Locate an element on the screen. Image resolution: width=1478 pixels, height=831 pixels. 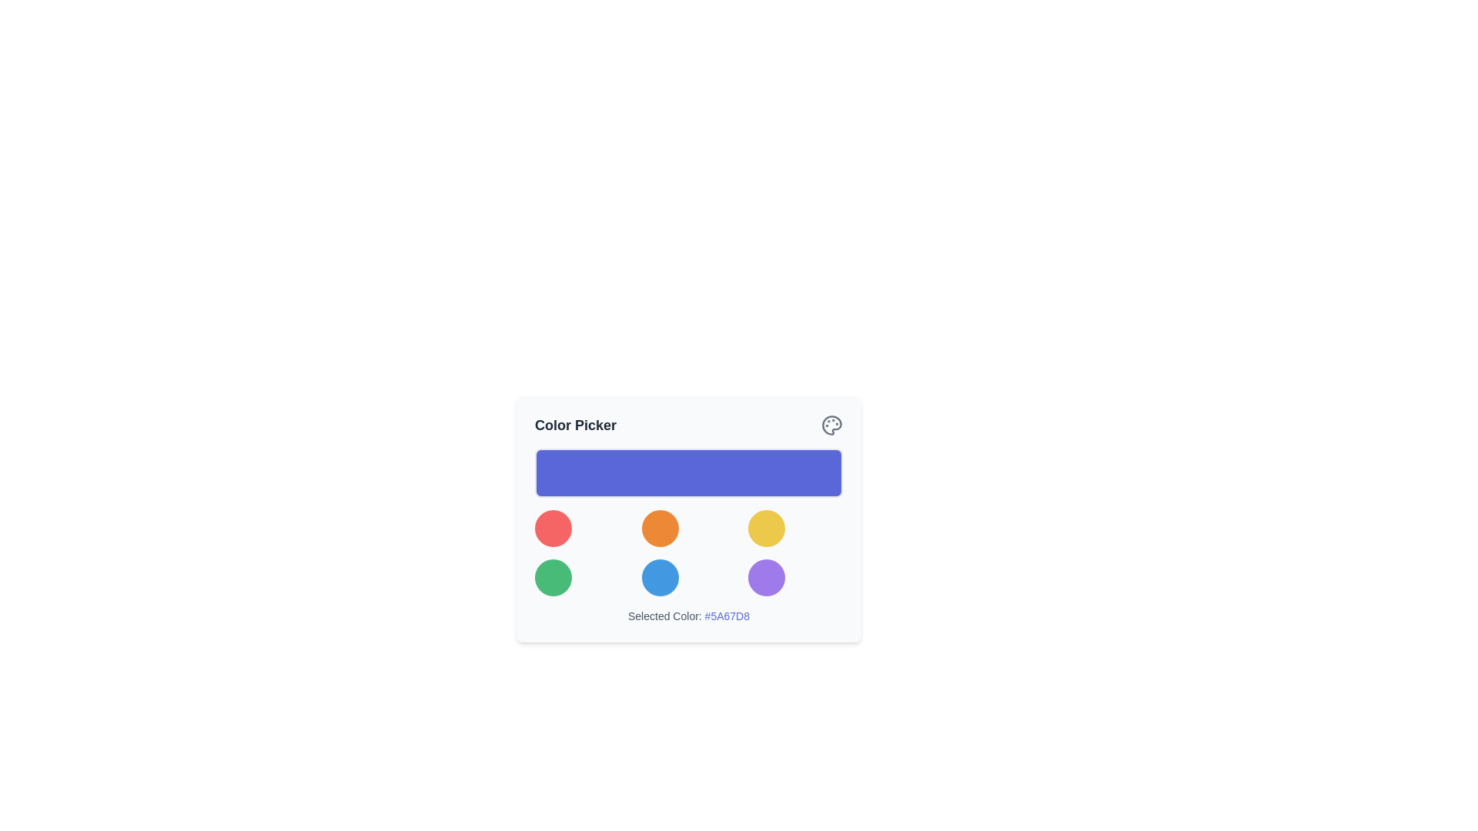
the sixth circular button in the Color Picker interface is located at coordinates (767, 578).